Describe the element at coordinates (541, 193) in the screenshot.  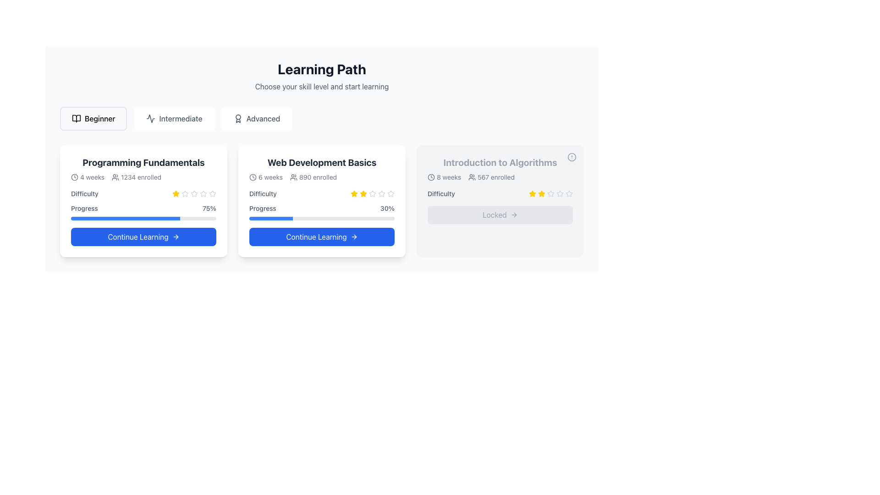
I see `the second yellow star icon in the rating section of the 'Introduction to Algorithms' card` at that location.